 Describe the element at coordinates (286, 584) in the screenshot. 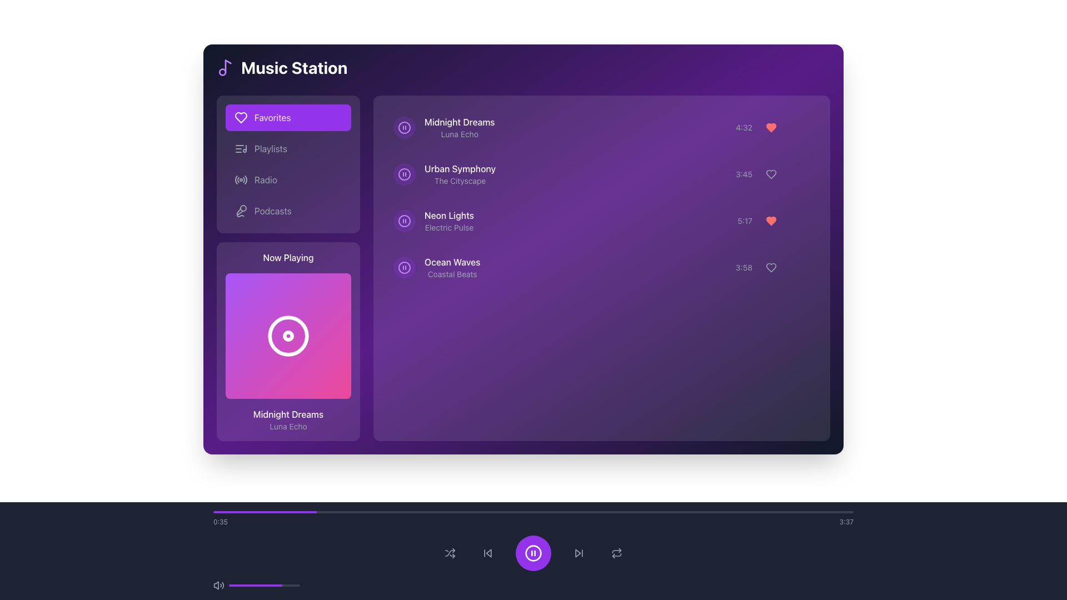

I see `the progress` at that location.